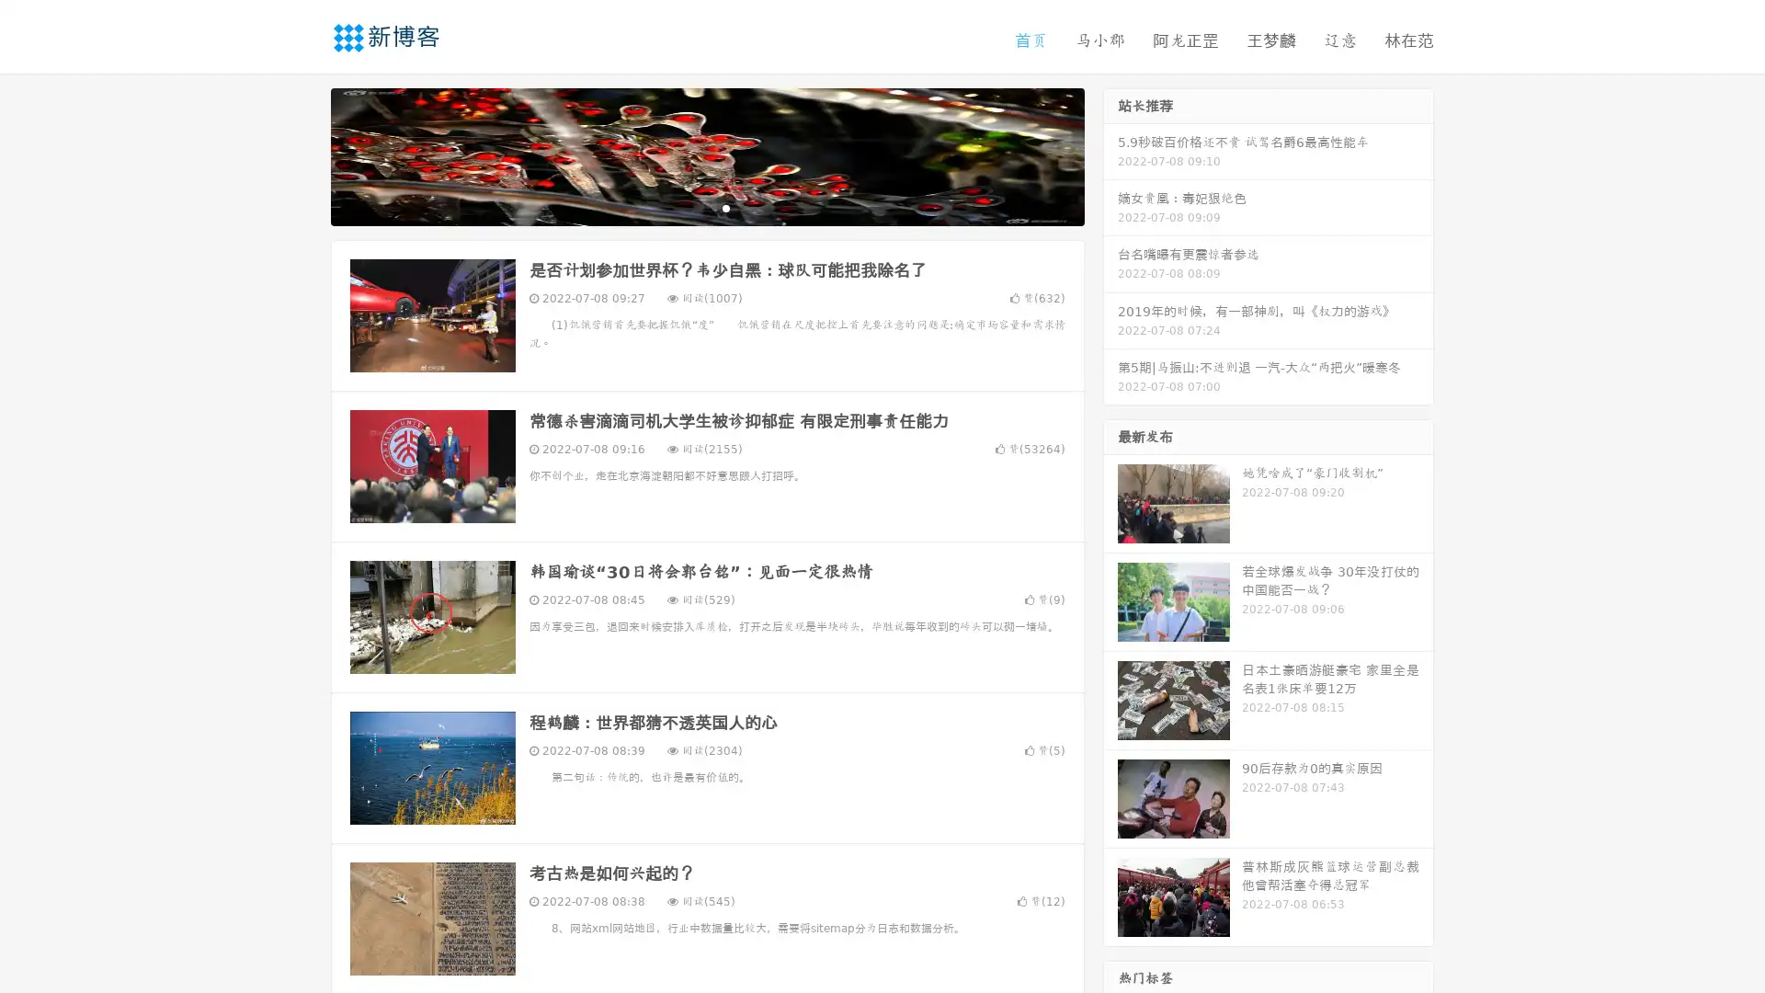 The height and width of the screenshot is (993, 1765). What do you see at coordinates (303, 154) in the screenshot?
I see `Previous slide` at bounding box center [303, 154].